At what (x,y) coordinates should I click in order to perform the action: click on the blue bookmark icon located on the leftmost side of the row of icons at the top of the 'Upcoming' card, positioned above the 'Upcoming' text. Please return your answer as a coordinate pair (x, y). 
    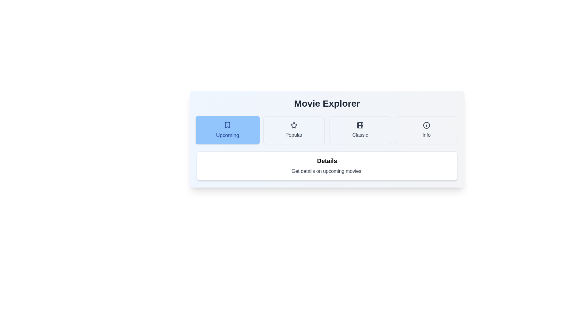
    Looking at the image, I should click on (227, 125).